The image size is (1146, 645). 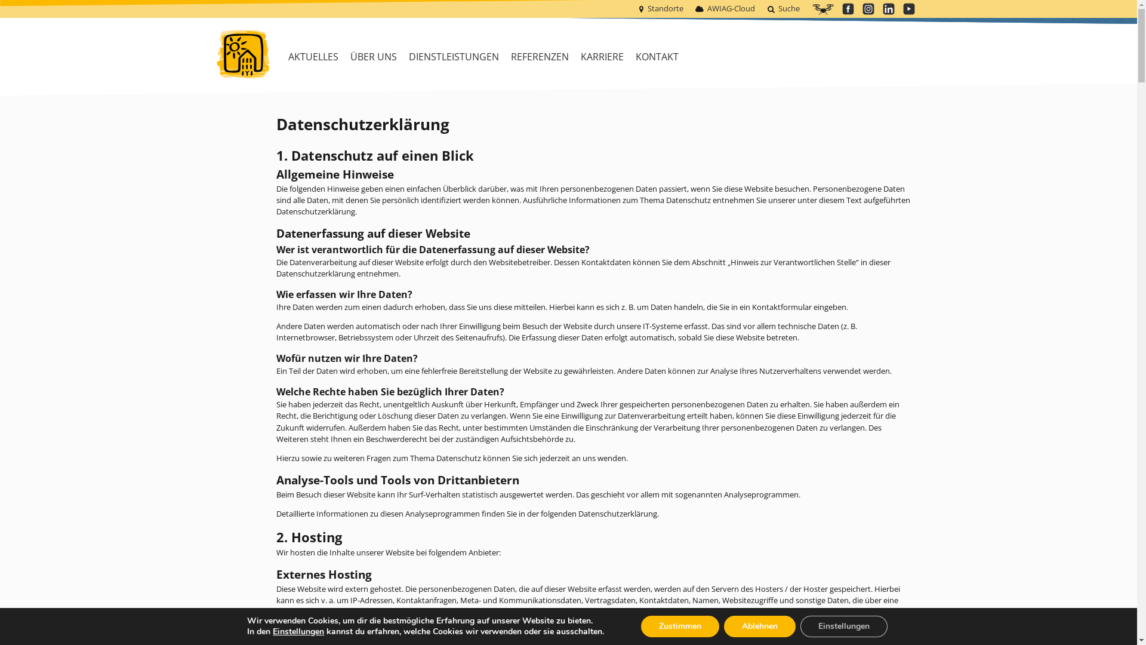 What do you see at coordinates (907, 9) in the screenshot?
I see `'YouTube'` at bounding box center [907, 9].